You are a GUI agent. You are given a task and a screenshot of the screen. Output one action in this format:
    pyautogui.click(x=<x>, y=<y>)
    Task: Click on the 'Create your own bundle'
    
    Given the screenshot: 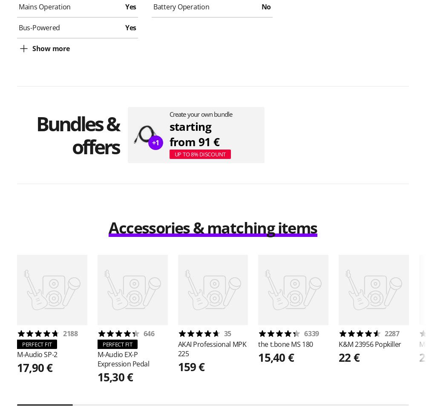 What is the action you would take?
    pyautogui.click(x=169, y=114)
    